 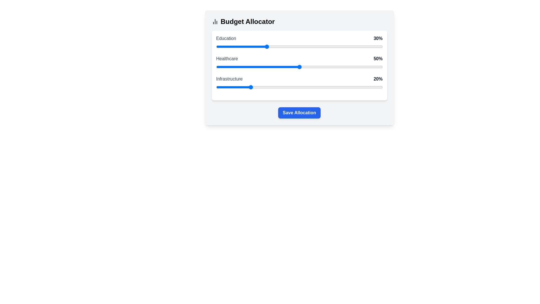 What do you see at coordinates (312, 67) in the screenshot?
I see `healthcare allocation` at bounding box center [312, 67].